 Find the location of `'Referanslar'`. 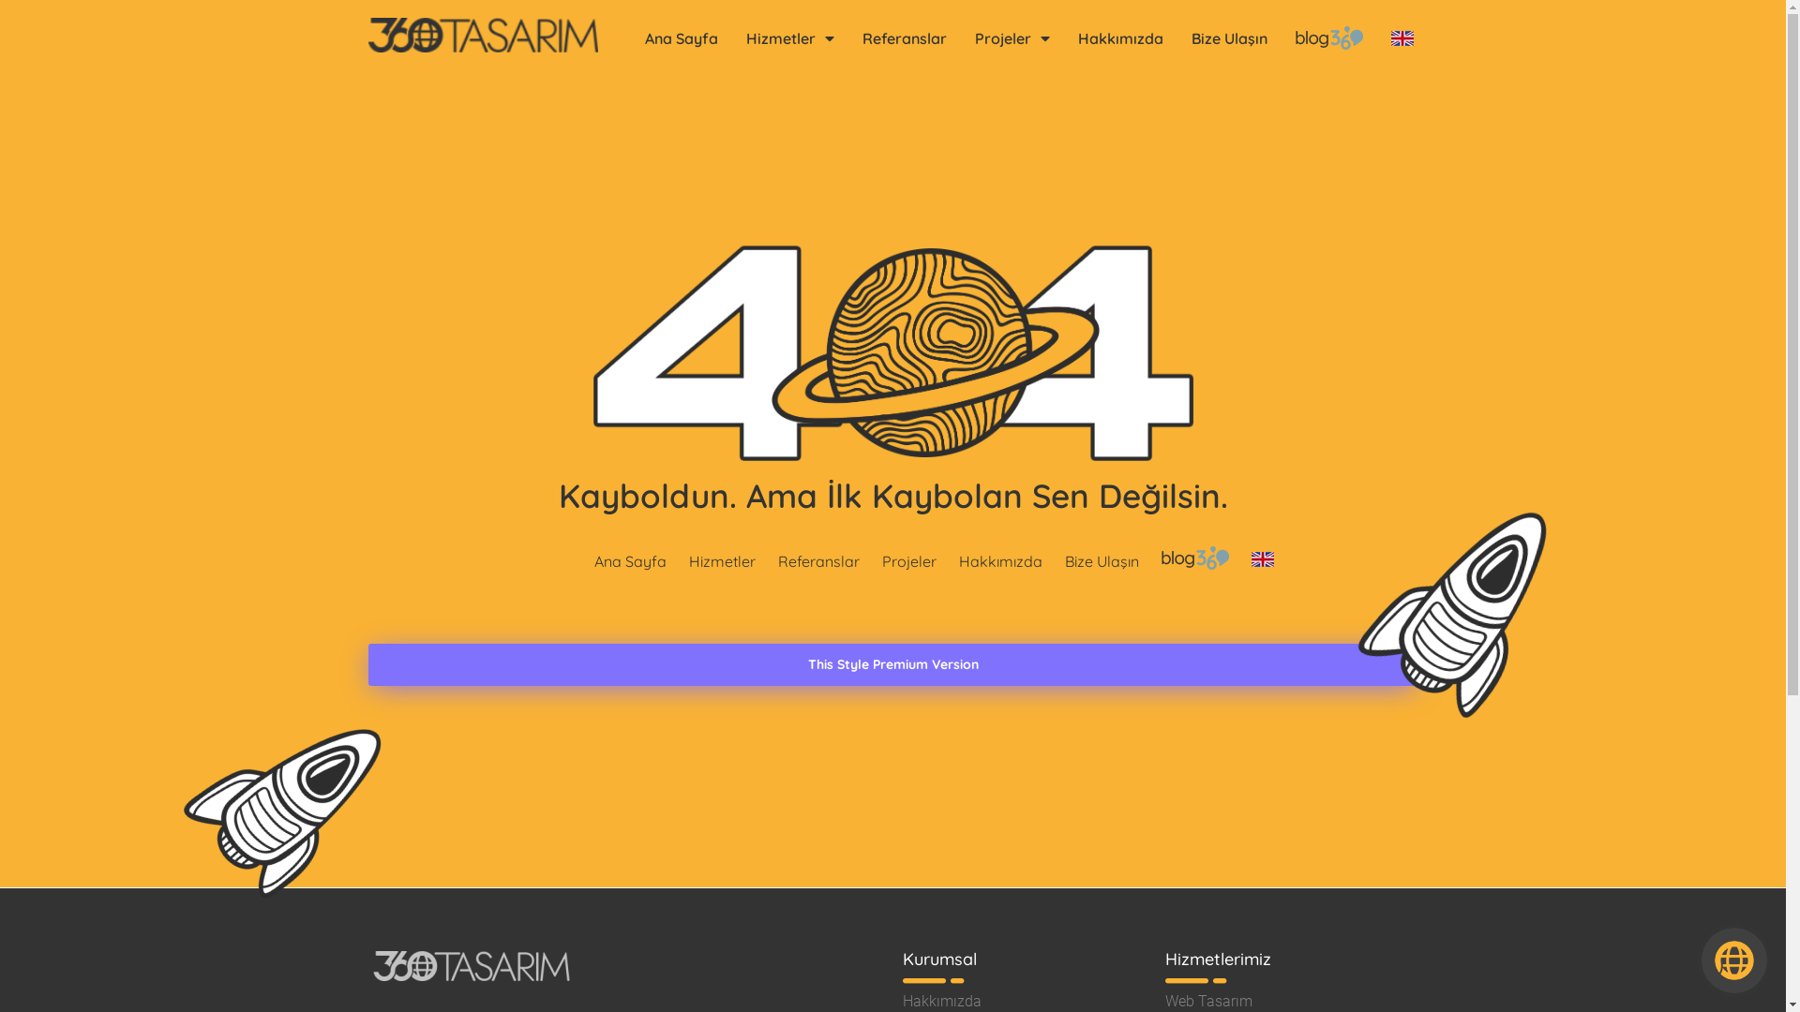

'Referanslar' is located at coordinates (818, 558).